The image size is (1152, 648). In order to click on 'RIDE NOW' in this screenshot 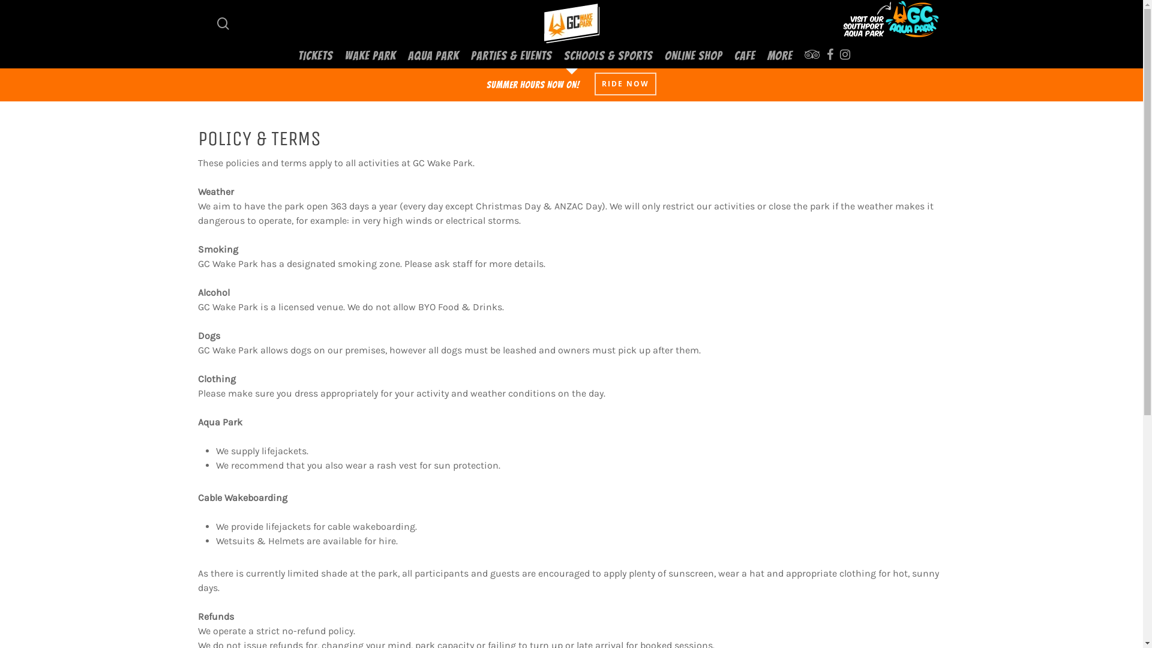, I will do `click(625, 83)`.